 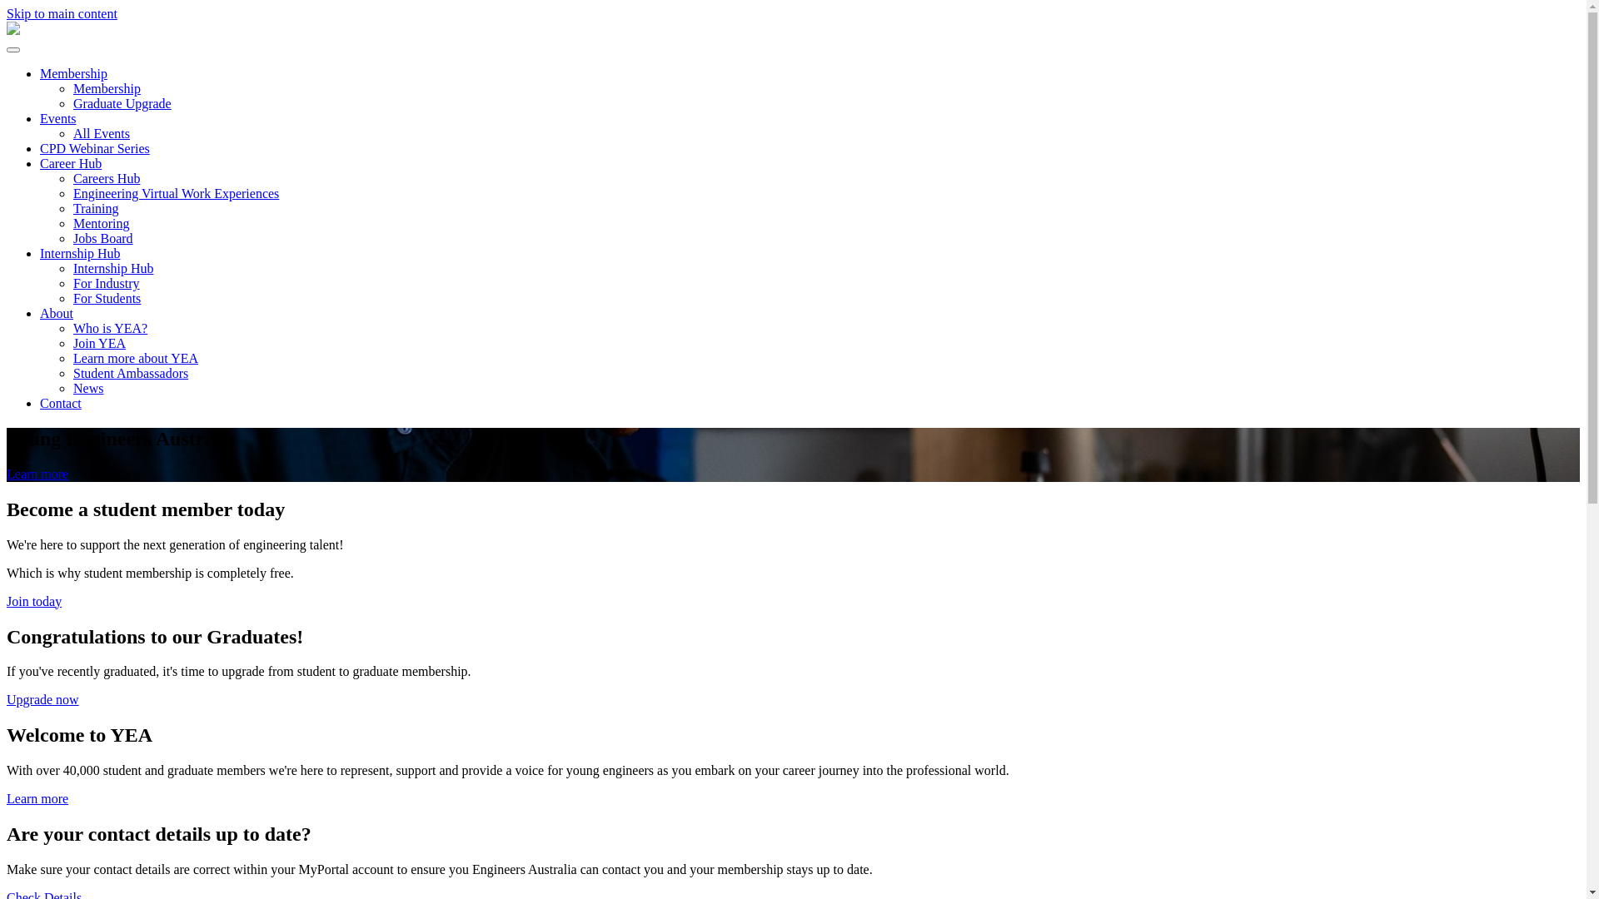 What do you see at coordinates (79, 253) in the screenshot?
I see `'Internship Hub'` at bounding box center [79, 253].